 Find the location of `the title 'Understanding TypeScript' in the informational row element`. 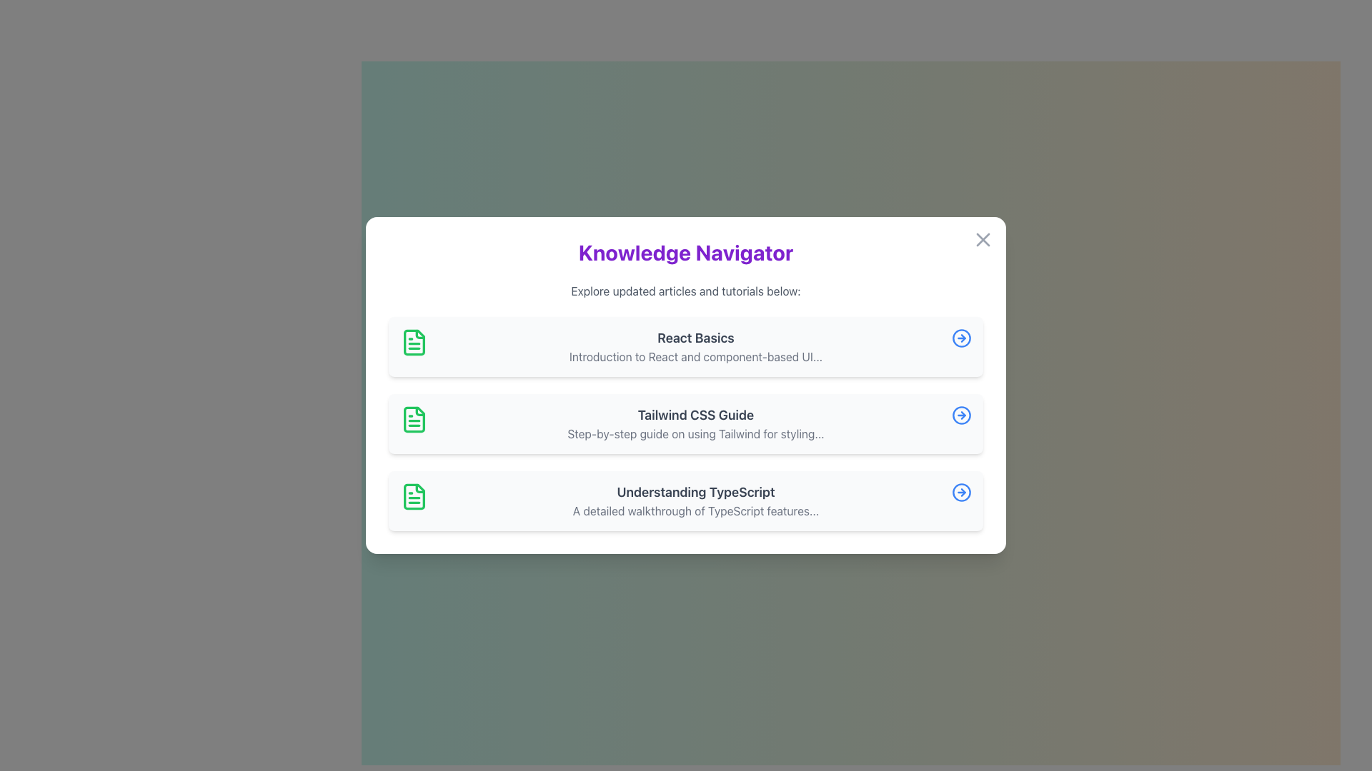

the title 'Understanding TypeScript' in the informational row element is located at coordinates (686, 500).